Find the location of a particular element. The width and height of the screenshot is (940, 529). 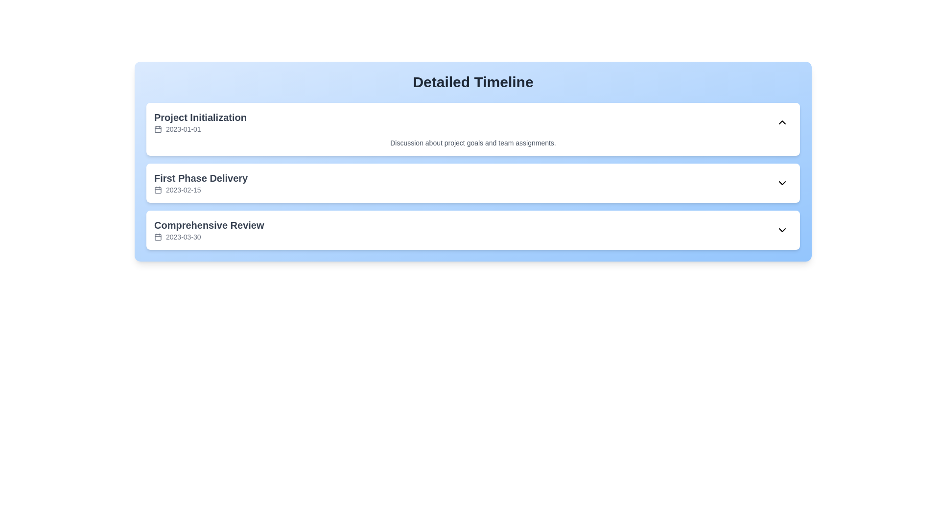

the icon representing the date for the event 'First Phase Delivery', located to the left of the date '2023-02-15' in the second event entry is located at coordinates (158, 190).